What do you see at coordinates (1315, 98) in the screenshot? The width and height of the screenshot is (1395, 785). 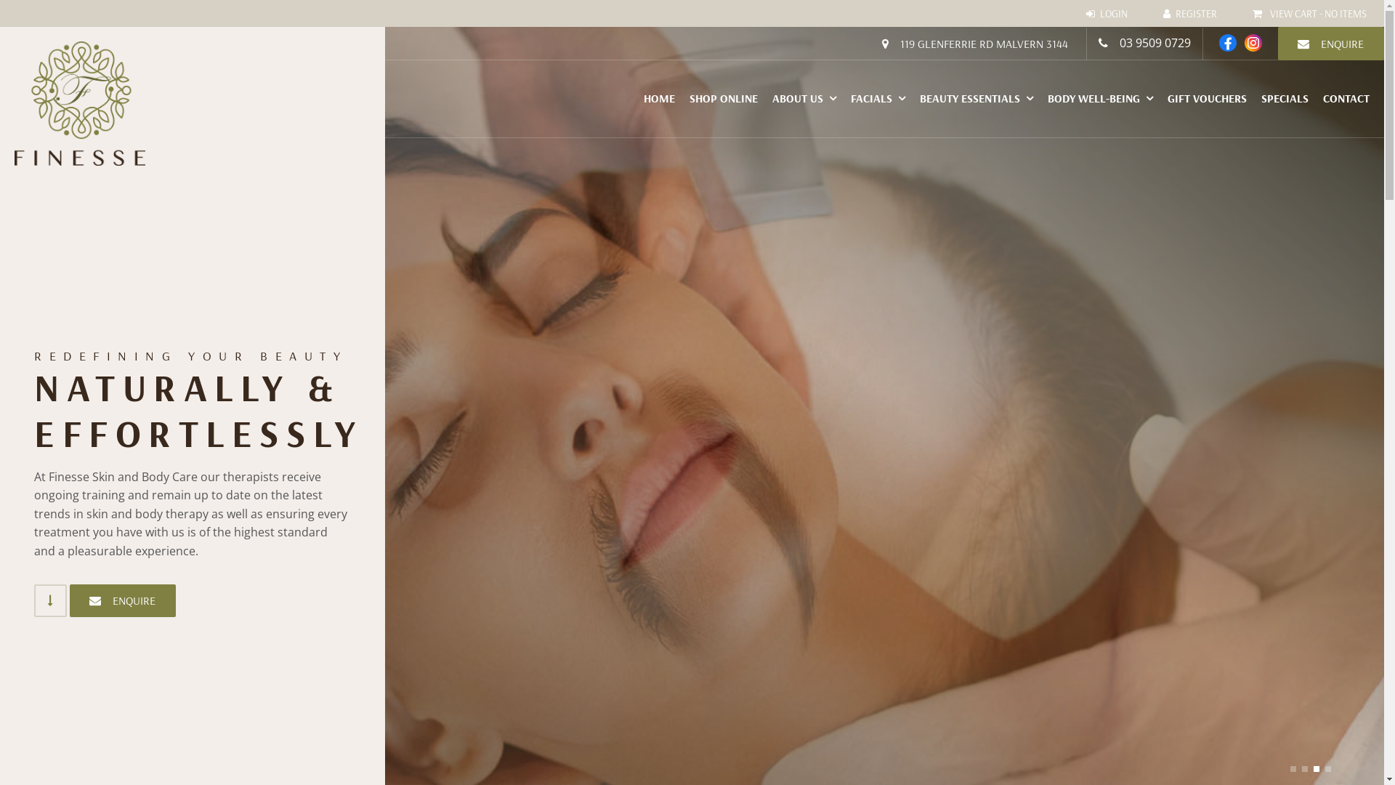 I see `'CONTACT'` at bounding box center [1315, 98].